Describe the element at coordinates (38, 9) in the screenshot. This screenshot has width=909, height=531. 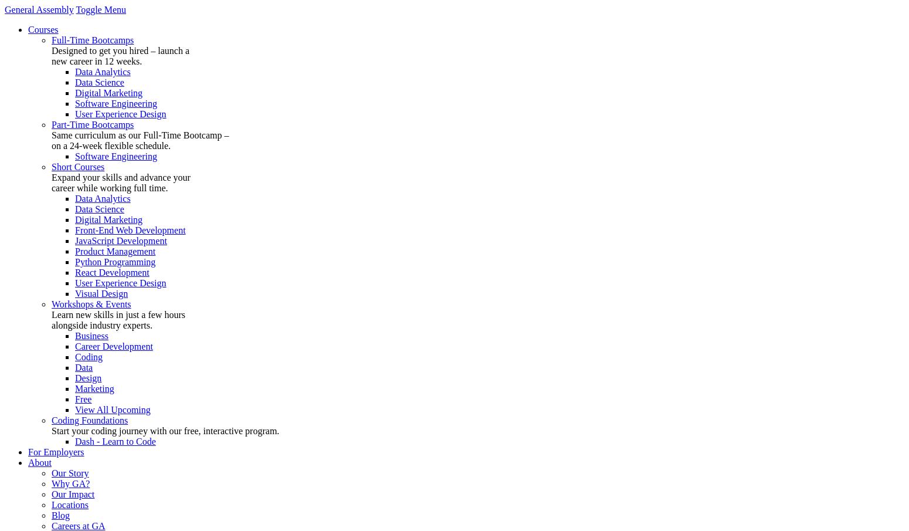
I see `'General Assembly'` at that location.